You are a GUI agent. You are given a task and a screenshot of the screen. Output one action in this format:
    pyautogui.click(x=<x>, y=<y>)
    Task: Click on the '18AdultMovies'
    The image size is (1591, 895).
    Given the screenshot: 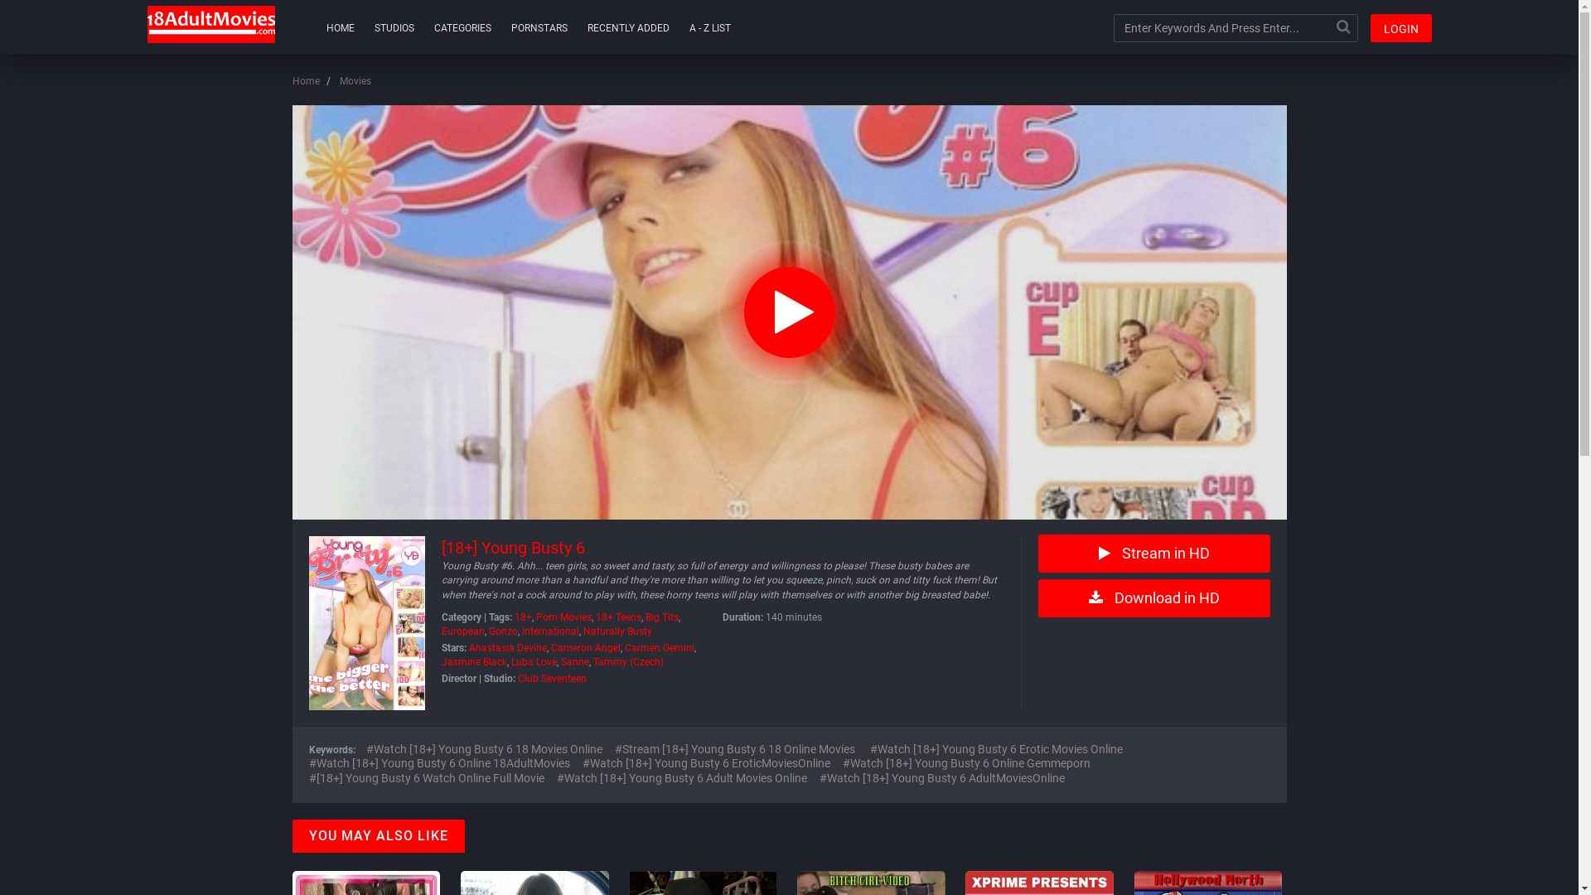 What is the action you would take?
    pyautogui.click(x=210, y=24)
    